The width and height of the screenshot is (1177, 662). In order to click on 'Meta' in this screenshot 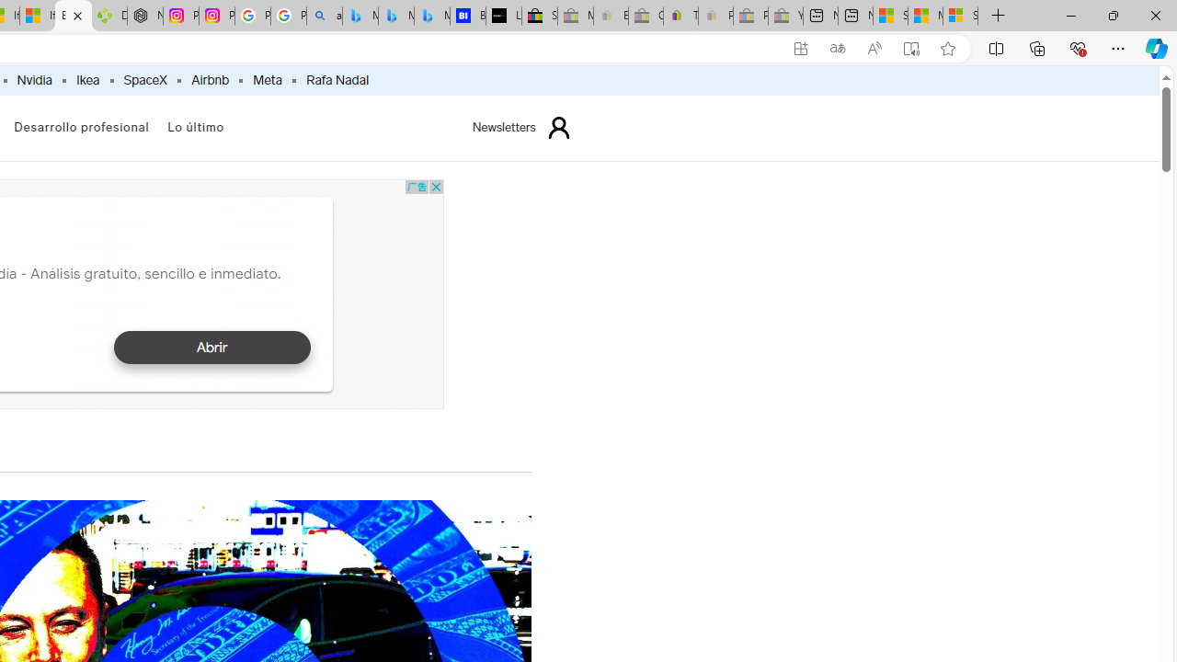, I will do `click(267, 80)`.